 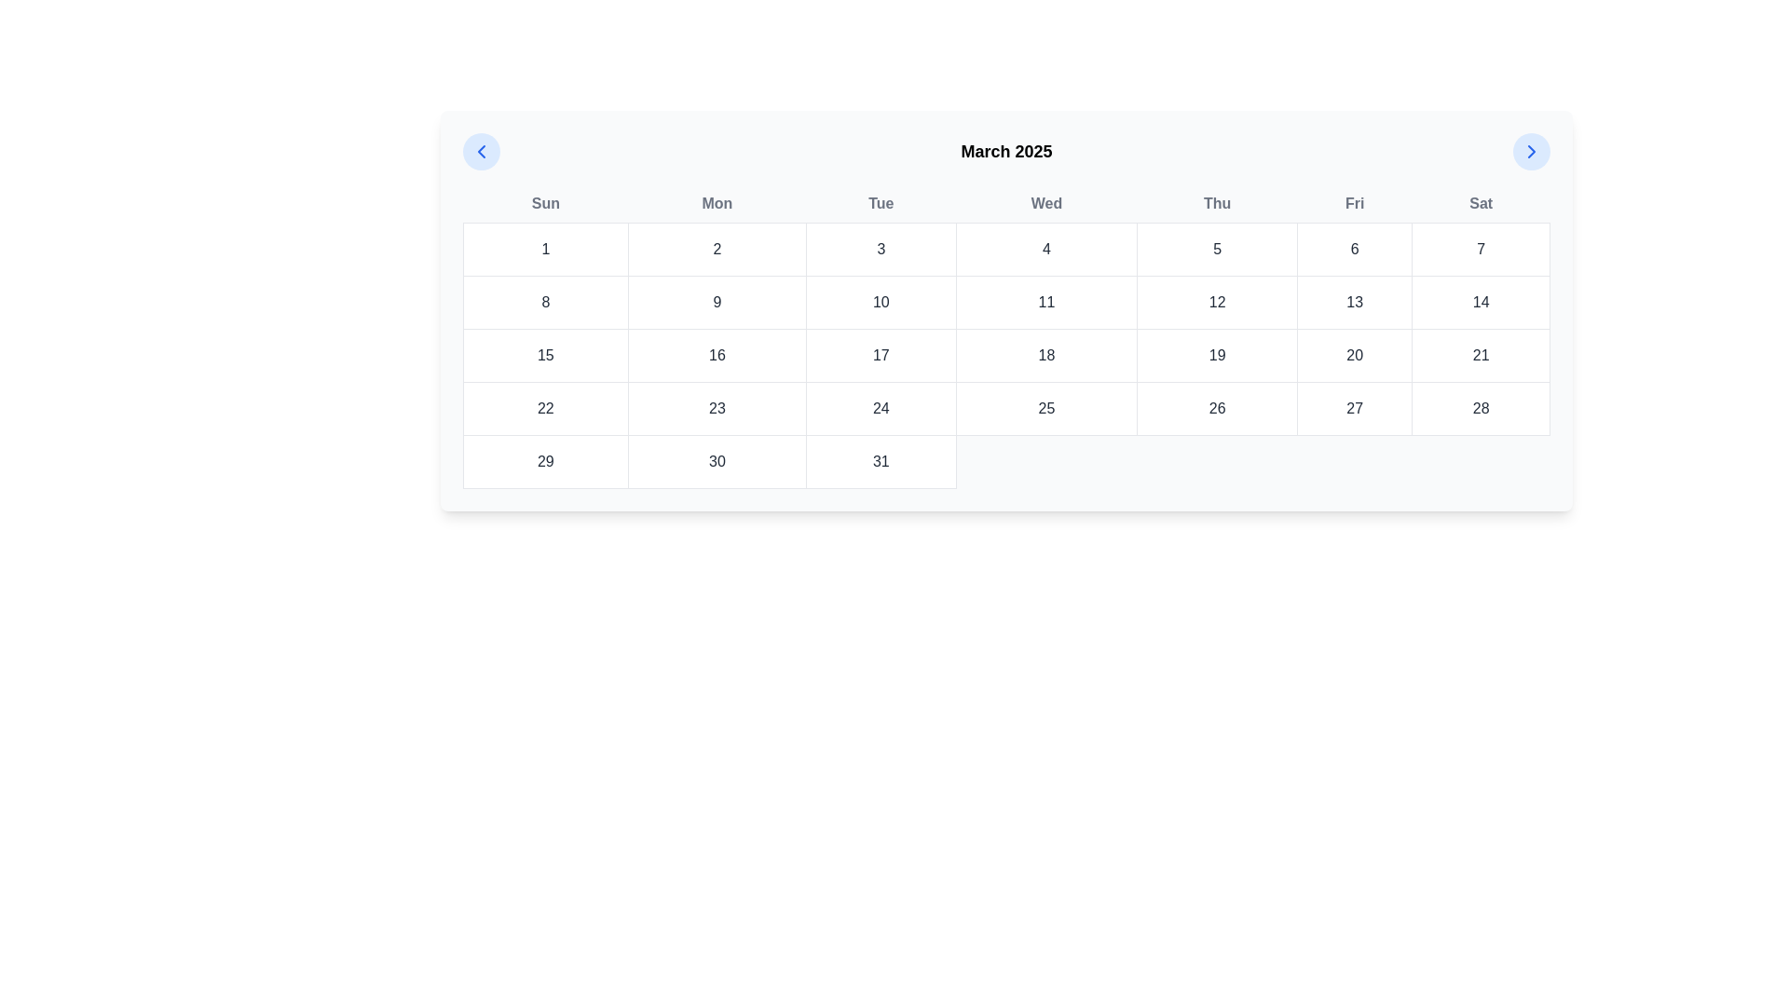 What do you see at coordinates (716, 355) in the screenshot?
I see `the selectable calendar cell representing the 16th day of the month` at bounding box center [716, 355].